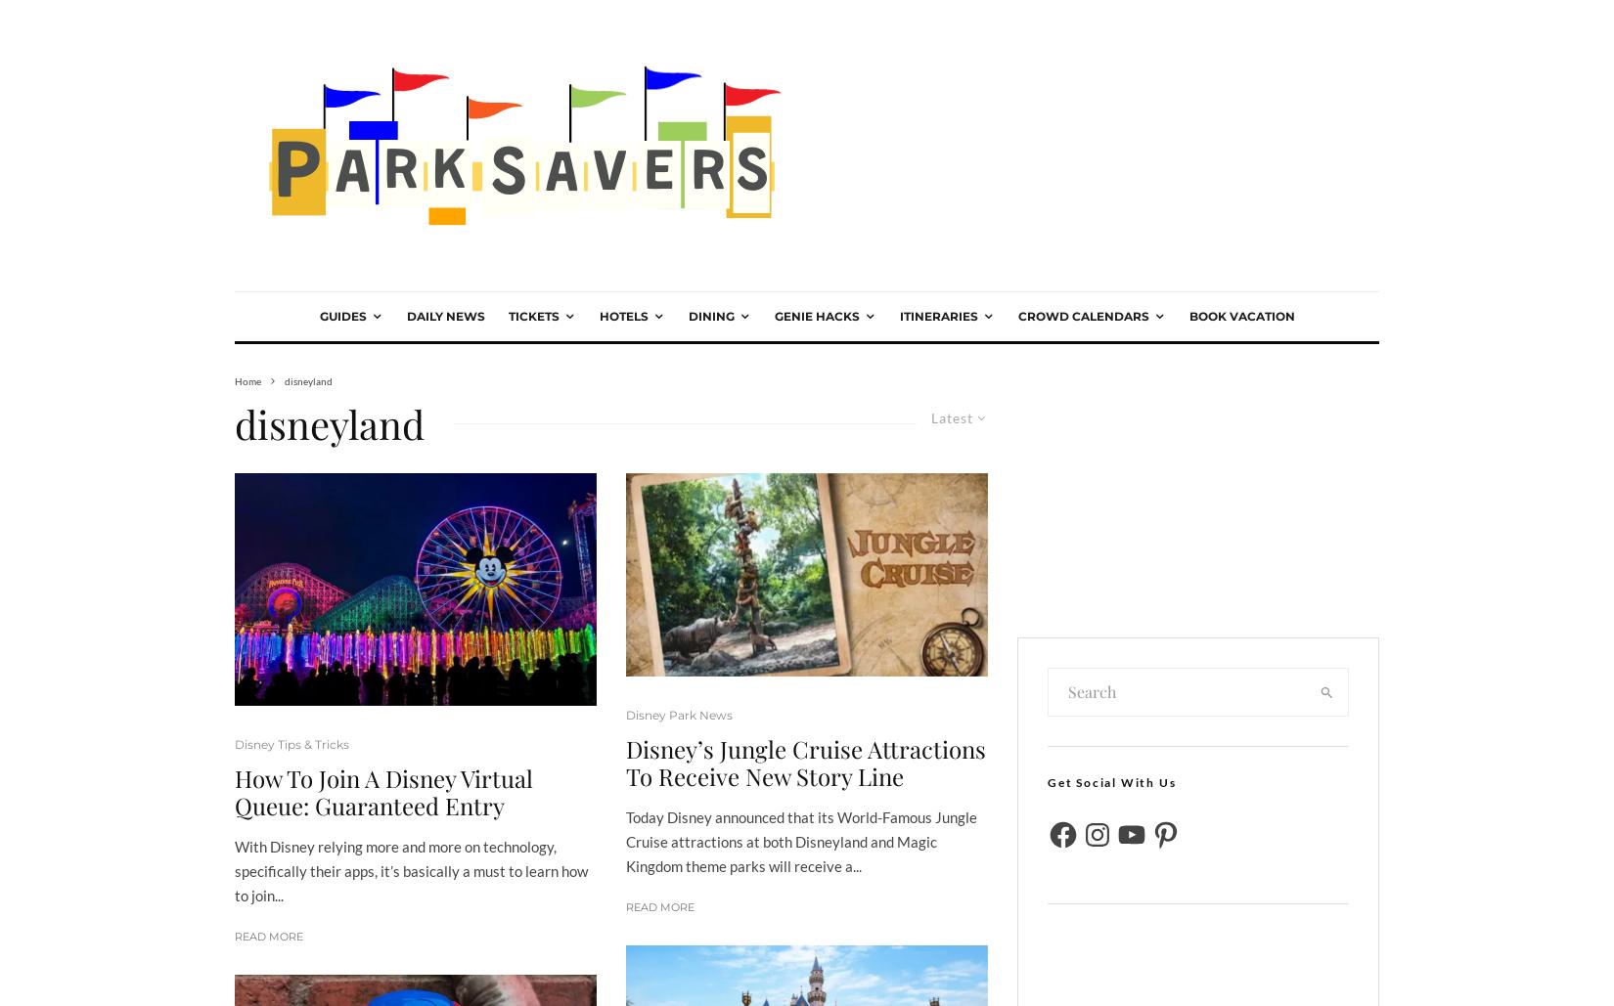  Describe the element at coordinates (1082, 316) in the screenshot. I see `'Crowd Calendars'` at that location.